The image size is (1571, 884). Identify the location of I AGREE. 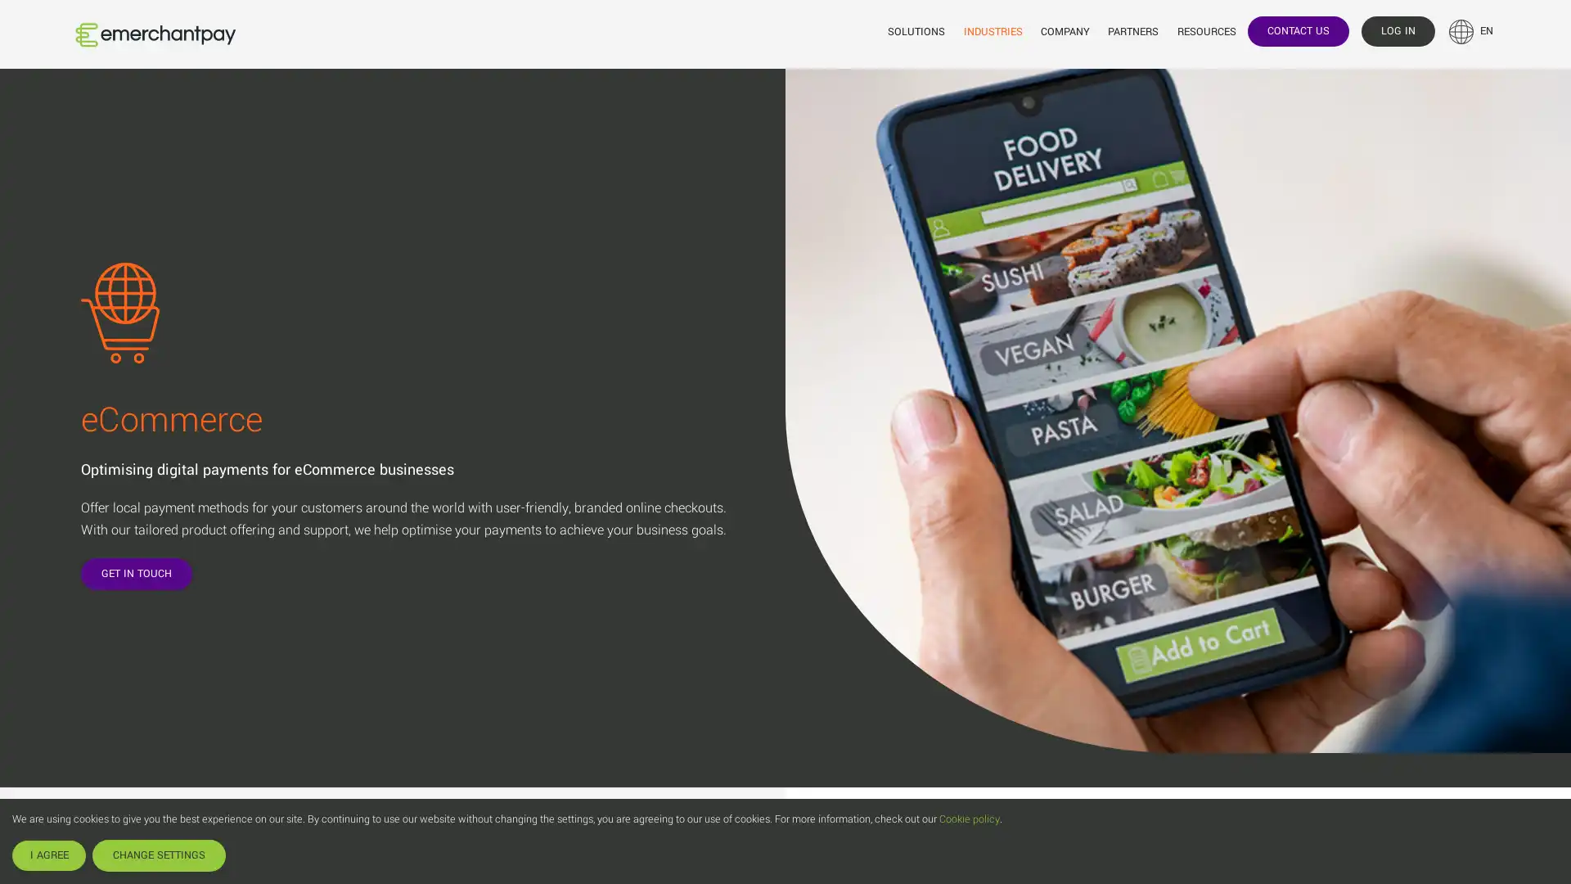
(48, 855).